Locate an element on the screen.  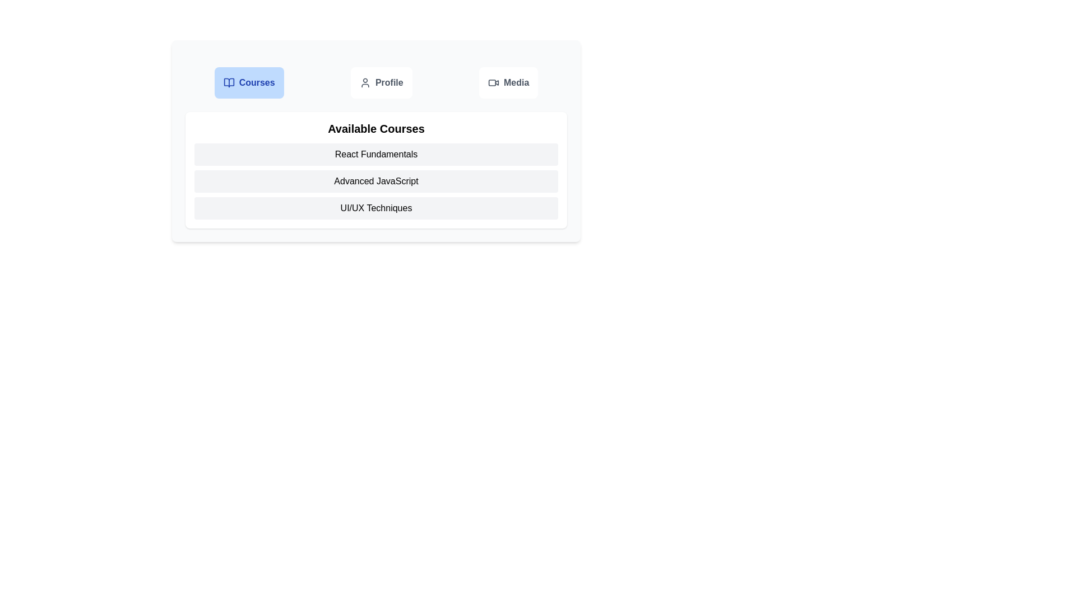
the 'React Fundamentals' course label, which is the first element in a vertical list located below the 'Available Courses' header is located at coordinates (376, 155).